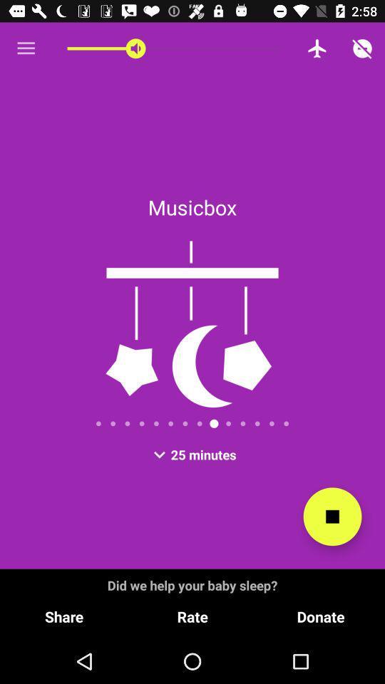  What do you see at coordinates (332, 516) in the screenshot?
I see `pauses music` at bounding box center [332, 516].